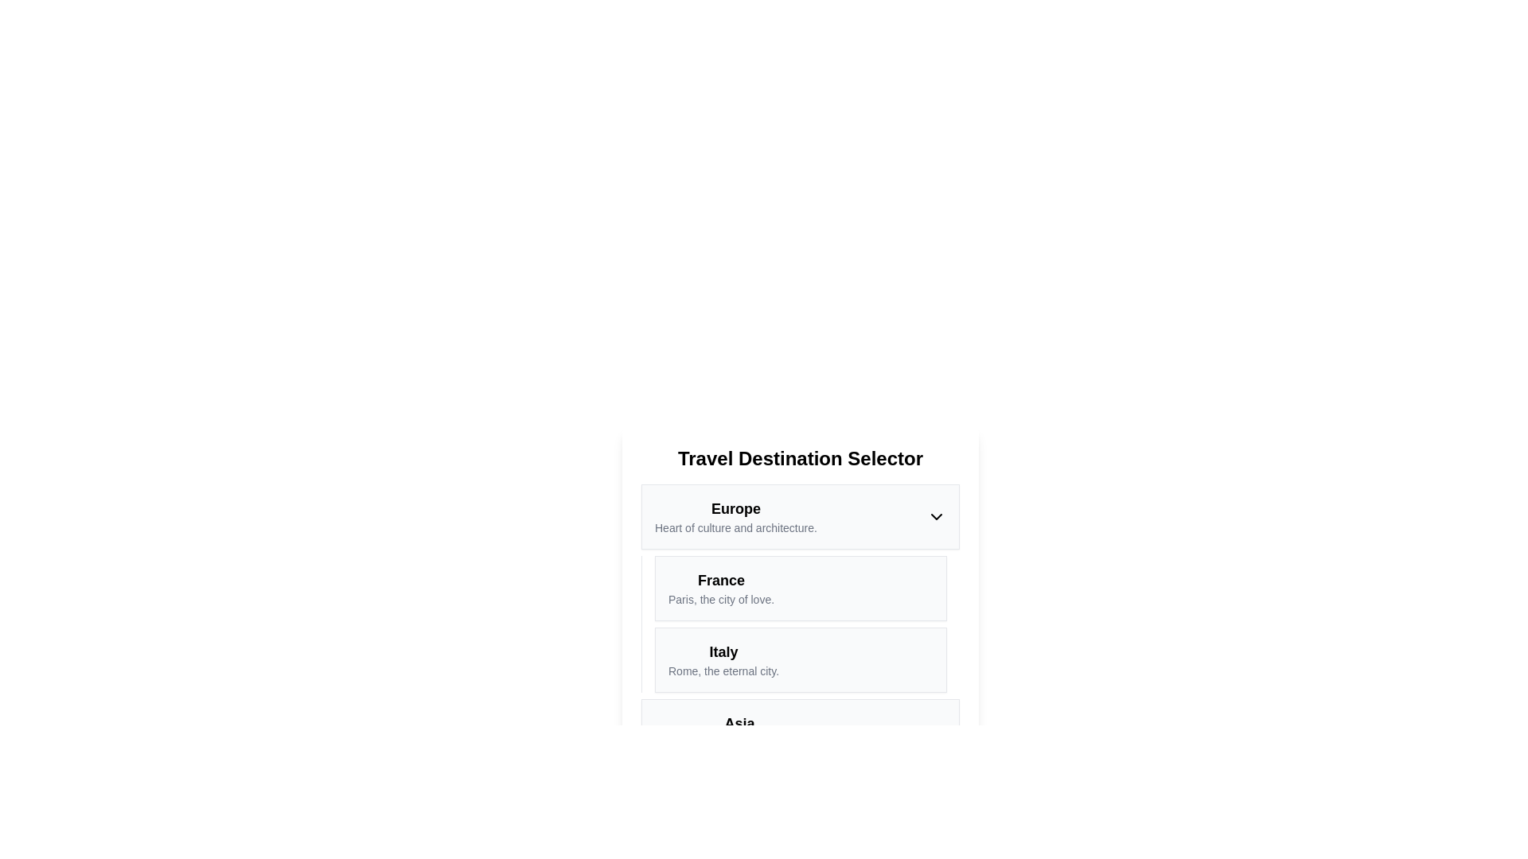  I want to click on the text label displaying 'Paris, the city of love.' positioned beneath the title 'France' in the 'Travel Destination Selector' panel, so click(720, 599).